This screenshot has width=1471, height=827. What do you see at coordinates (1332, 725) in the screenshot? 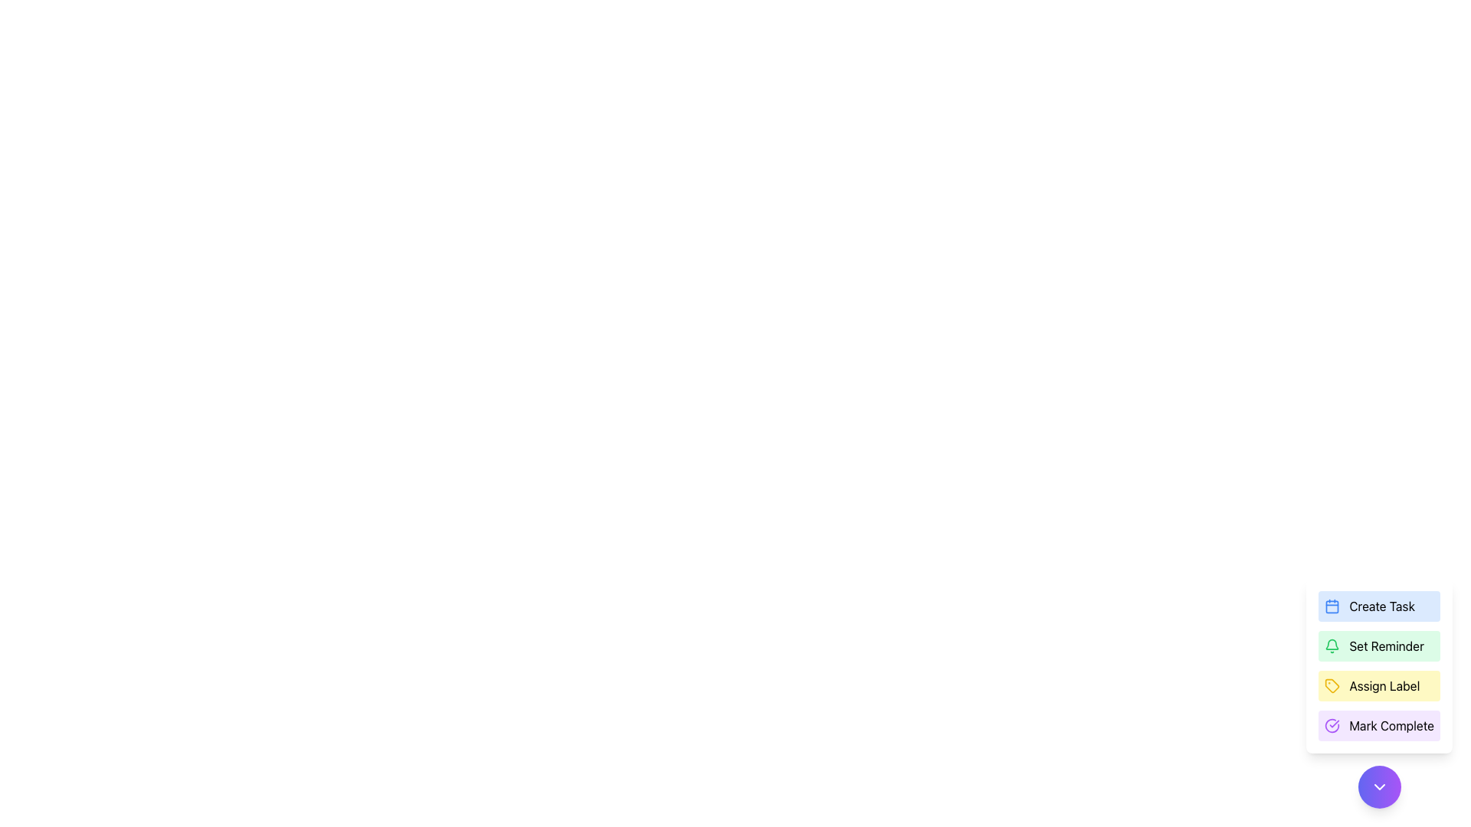
I see `the circular purple icon with a checkmark inside, which is the first element of the 'Mark Complete' menu item` at bounding box center [1332, 725].